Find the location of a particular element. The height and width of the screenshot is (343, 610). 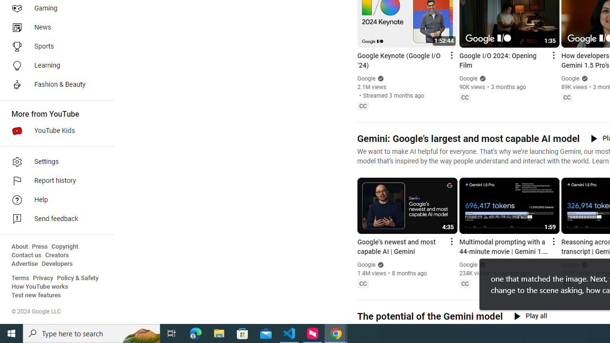

'Play all' is located at coordinates (530, 316).